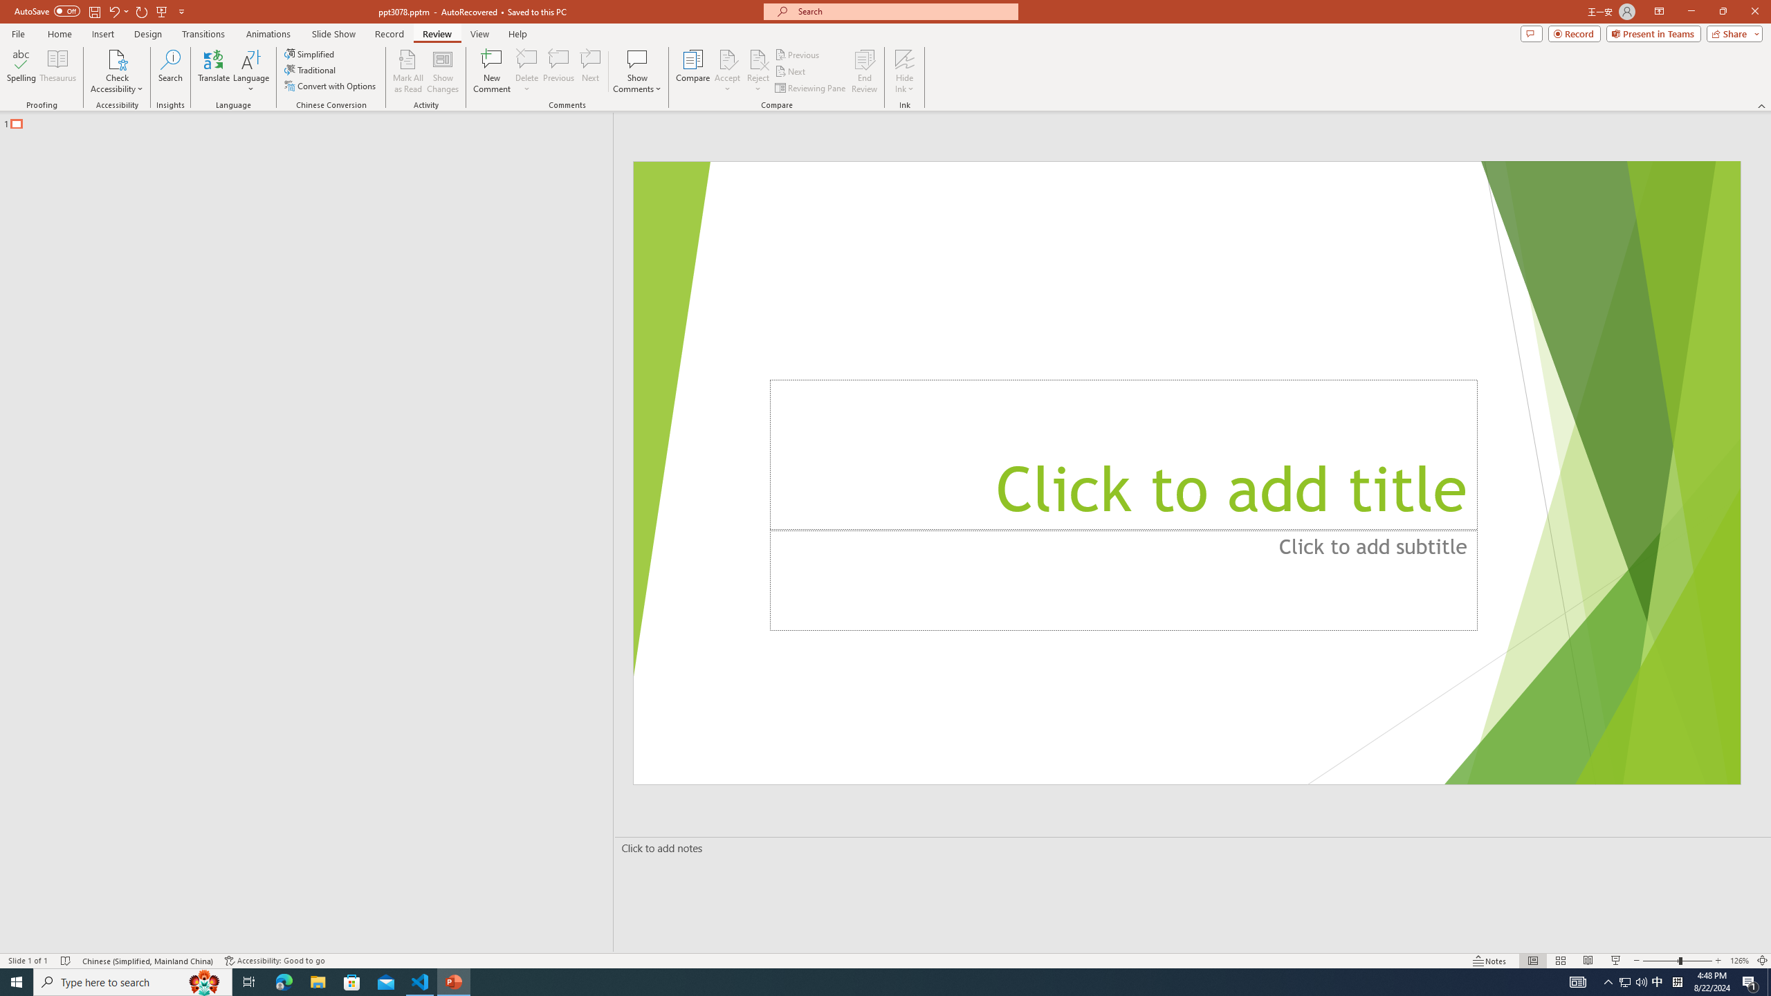 This screenshot has height=996, width=1771. What do you see at coordinates (863, 71) in the screenshot?
I see `'End Review'` at bounding box center [863, 71].